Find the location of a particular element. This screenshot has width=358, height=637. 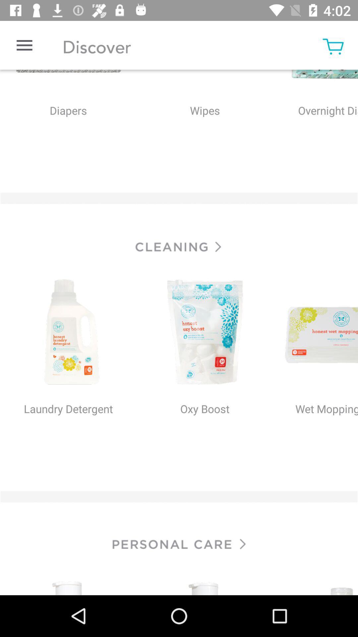

the picture which is above the text wet mopping is located at coordinates (315, 333).